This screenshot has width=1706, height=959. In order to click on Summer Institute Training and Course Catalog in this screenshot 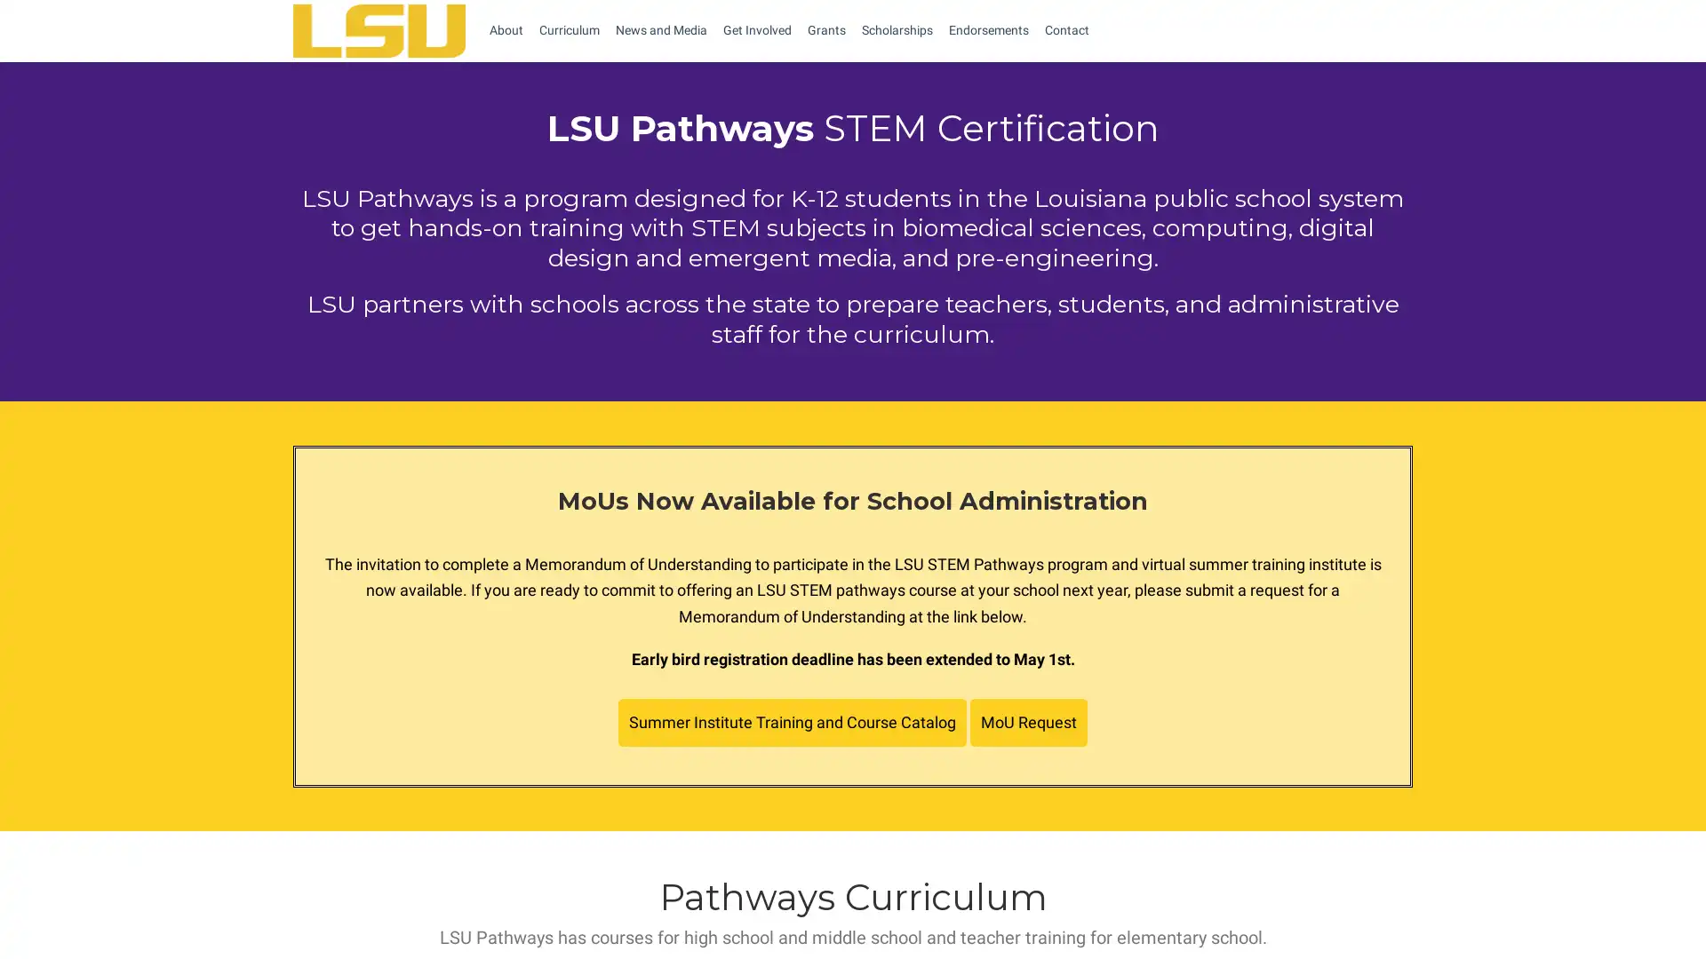, I will do `click(792, 722)`.